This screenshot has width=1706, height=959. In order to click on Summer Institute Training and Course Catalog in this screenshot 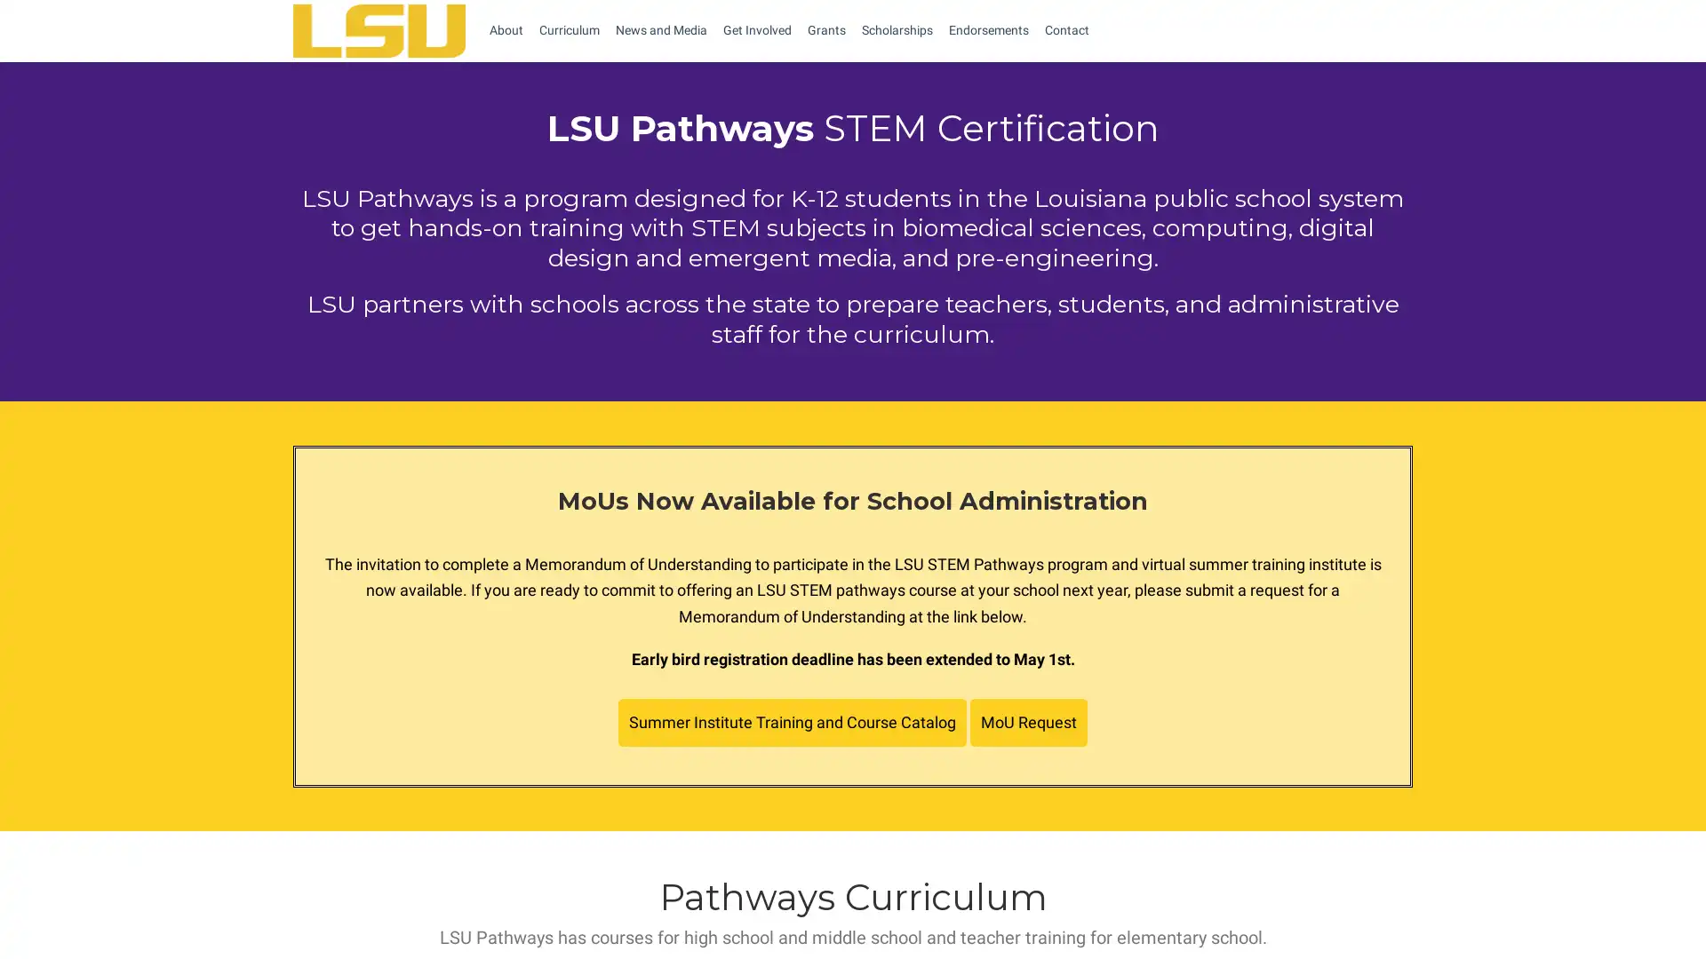, I will do `click(792, 722)`.